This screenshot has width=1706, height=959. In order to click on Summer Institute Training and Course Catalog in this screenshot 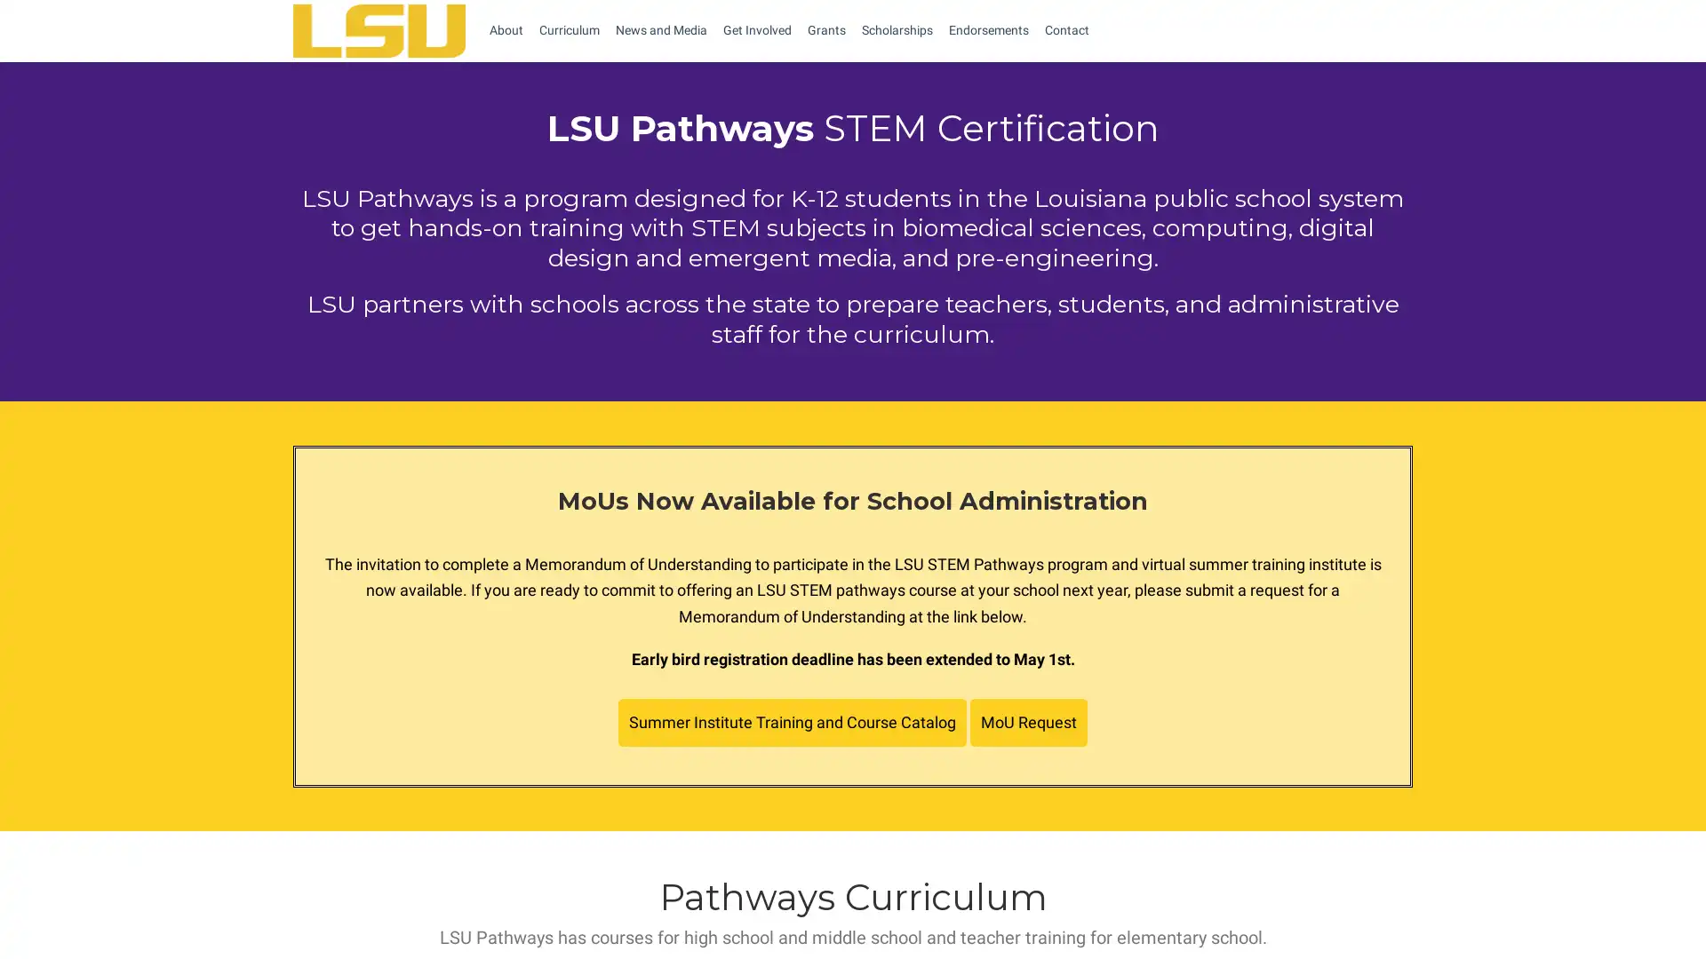, I will do `click(792, 722)`.